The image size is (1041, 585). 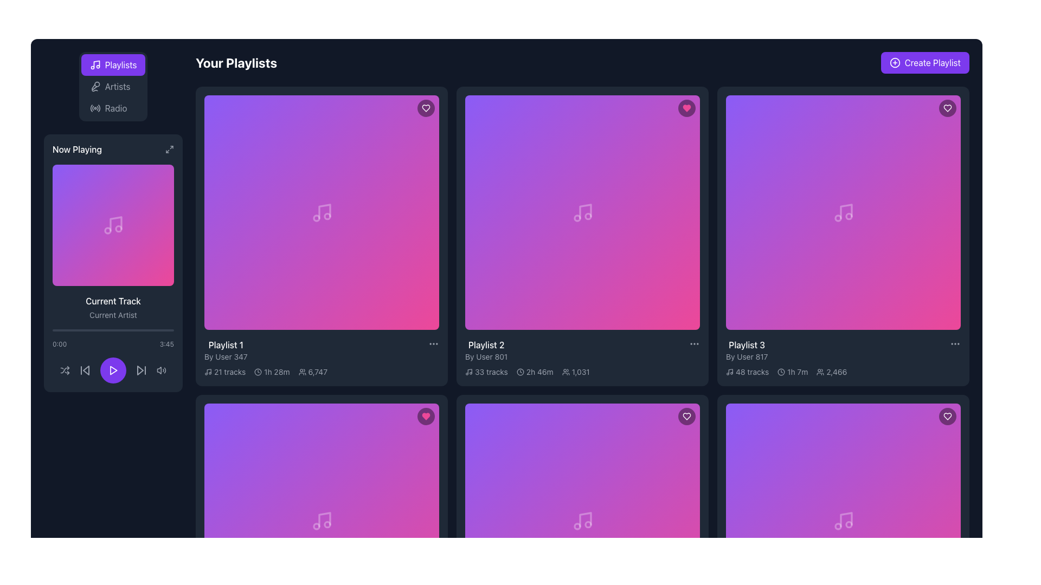 What do you see at coordinates (837, 525) in the screenshot?
I see `the circular icon within the music note located in the bottom-right playlist card` at bounding box center [837, 525].